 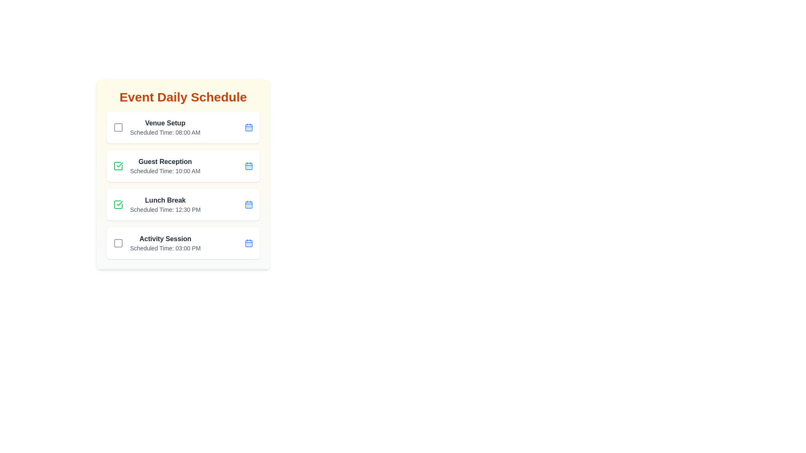 I want to click on the calendar icon for the task Activity Session, so click(x=249, y=243).